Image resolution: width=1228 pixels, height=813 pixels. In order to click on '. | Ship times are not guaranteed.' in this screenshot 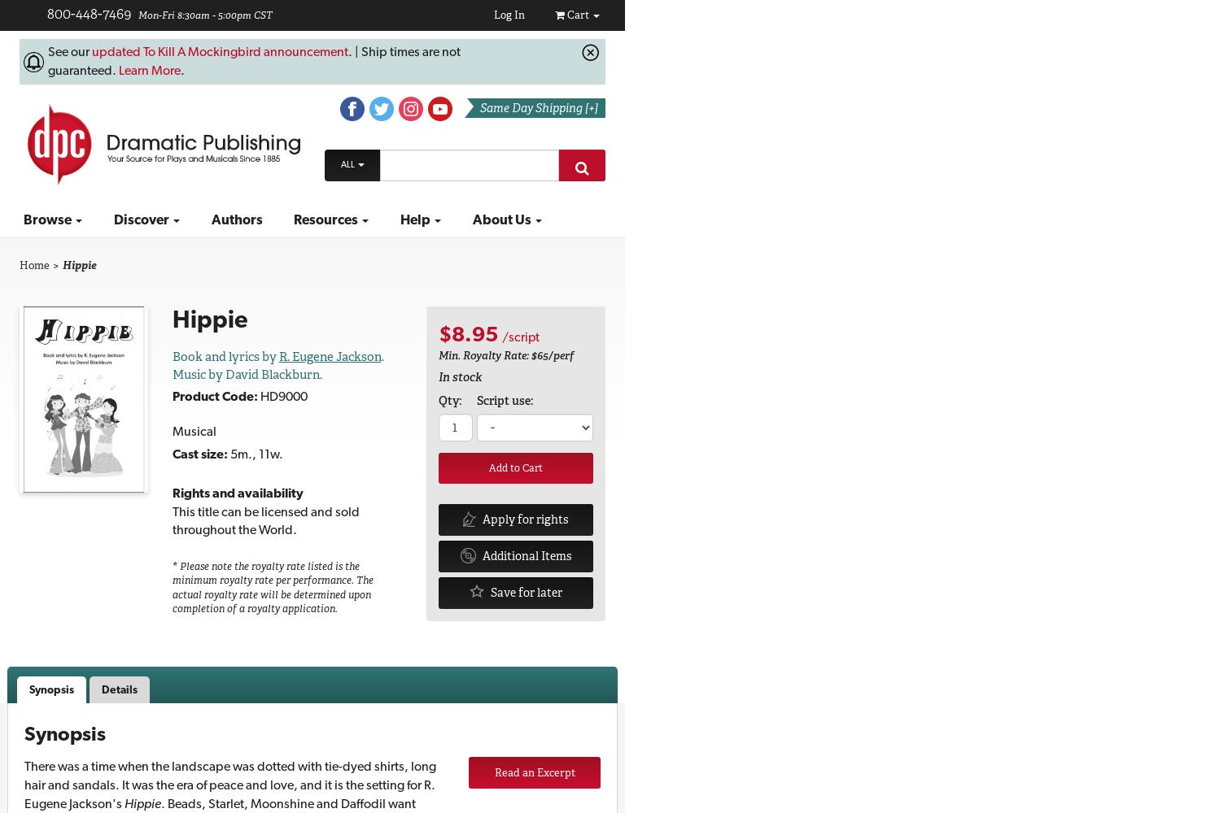, I will do `click(253, 59)`.